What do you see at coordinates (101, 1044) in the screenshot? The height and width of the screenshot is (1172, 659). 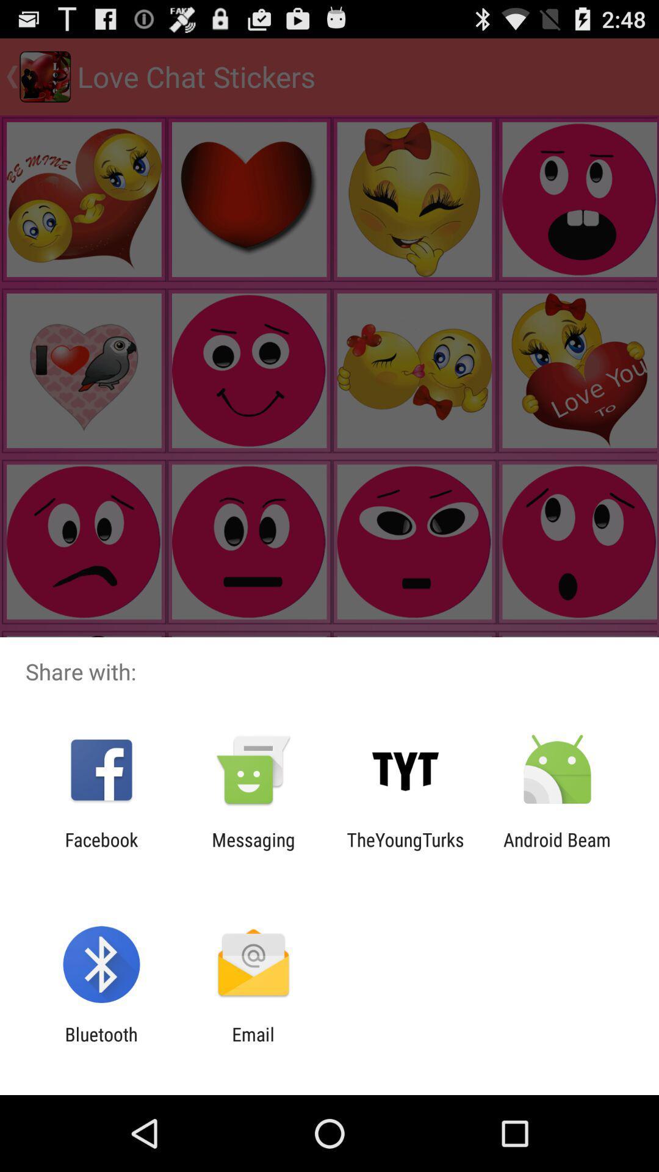 I see `item to the left of the email item` at bounding box center [101, 1044].